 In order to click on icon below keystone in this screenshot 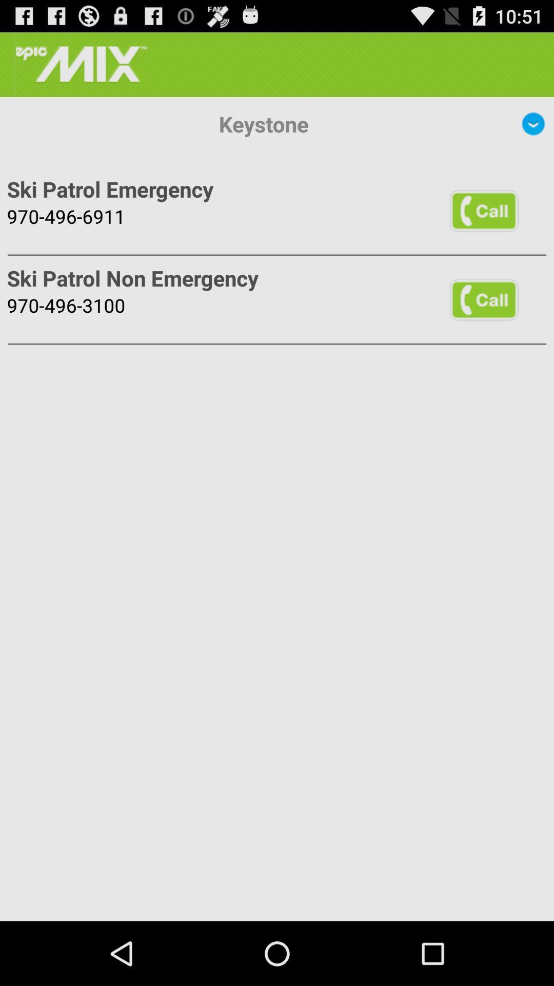, I will do `click(484, 210)`.